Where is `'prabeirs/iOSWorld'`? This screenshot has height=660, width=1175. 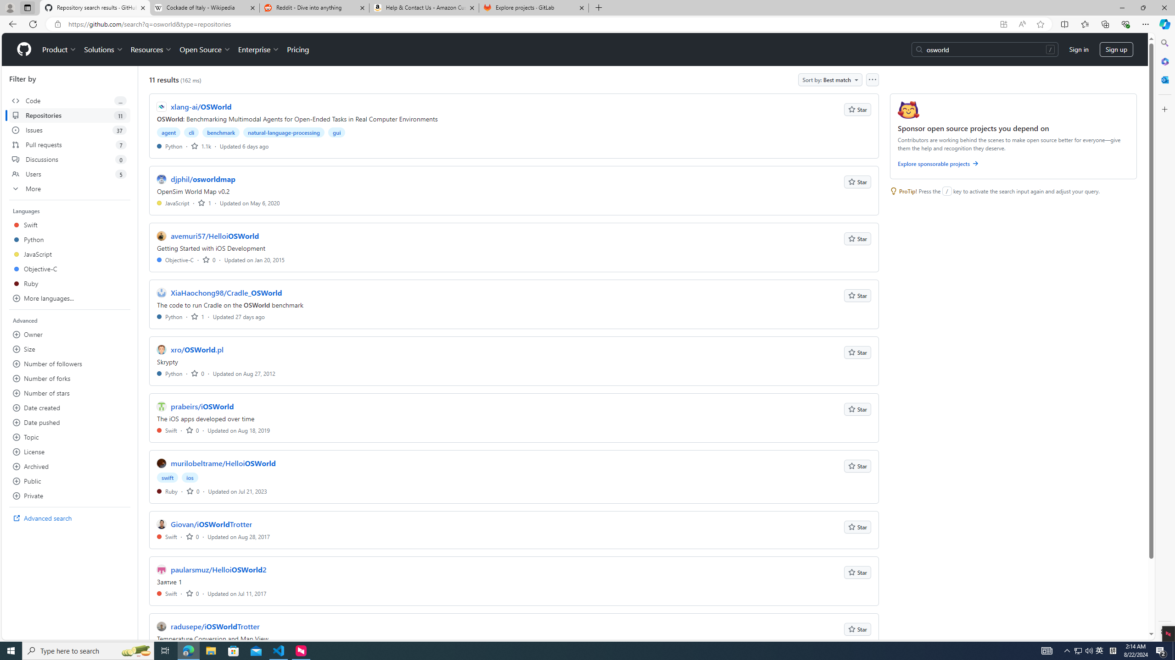
'prabeirs/iOSWorld' is located at coordinates (202, 406).